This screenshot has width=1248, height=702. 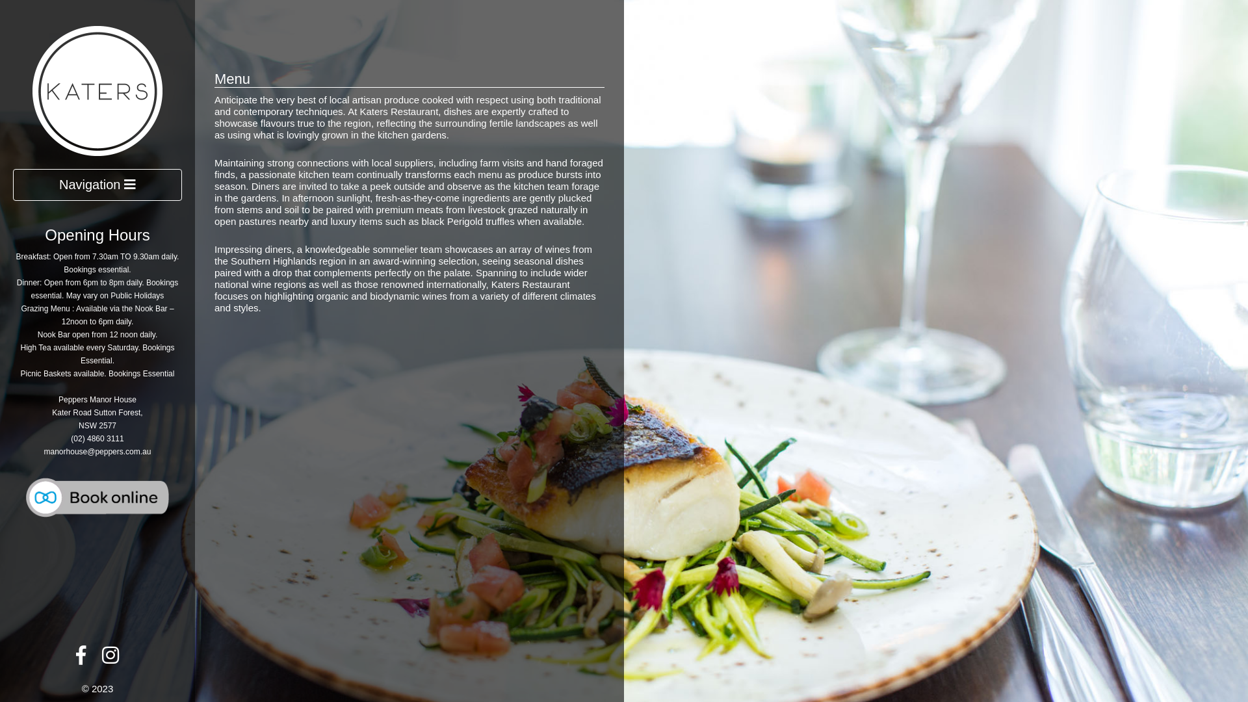 I want to click on 'Facebook', so click(x=80, y=658).